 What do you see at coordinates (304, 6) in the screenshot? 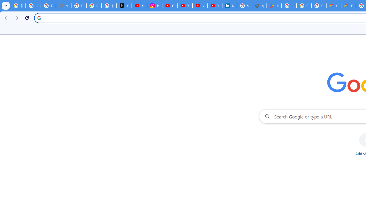
I see `'Google Workspace - Specific Terms'` at bounding box center [304, 6].